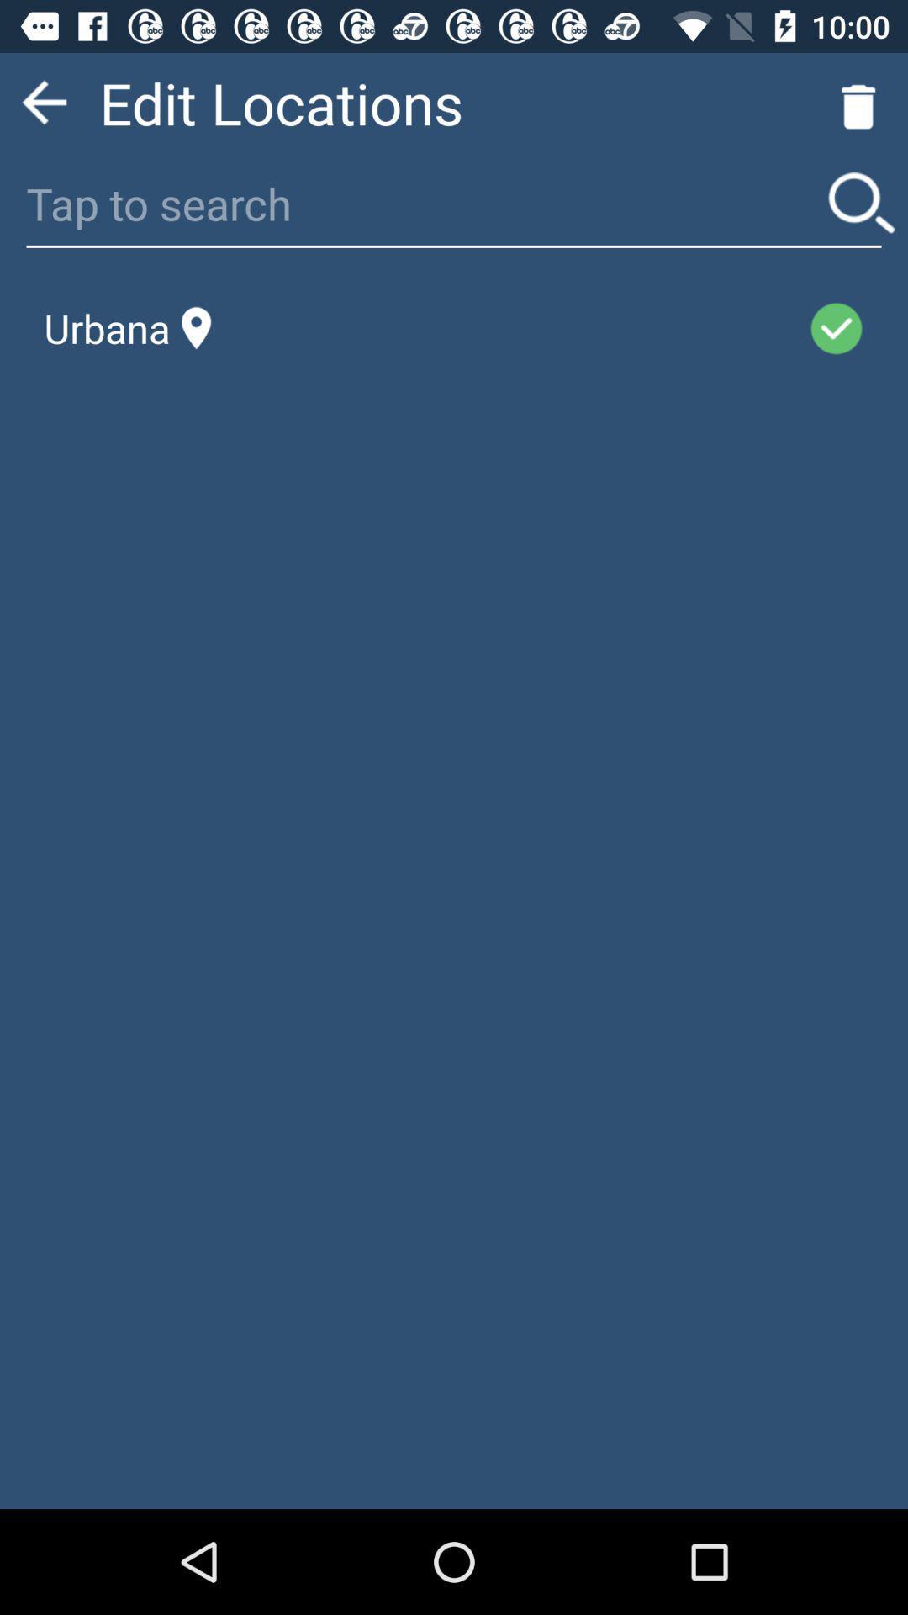 The width and height of the screenshot is (908, 1615). Describe the element at coordinates (43, 101) in the screenshot. I see `go back` at that location.